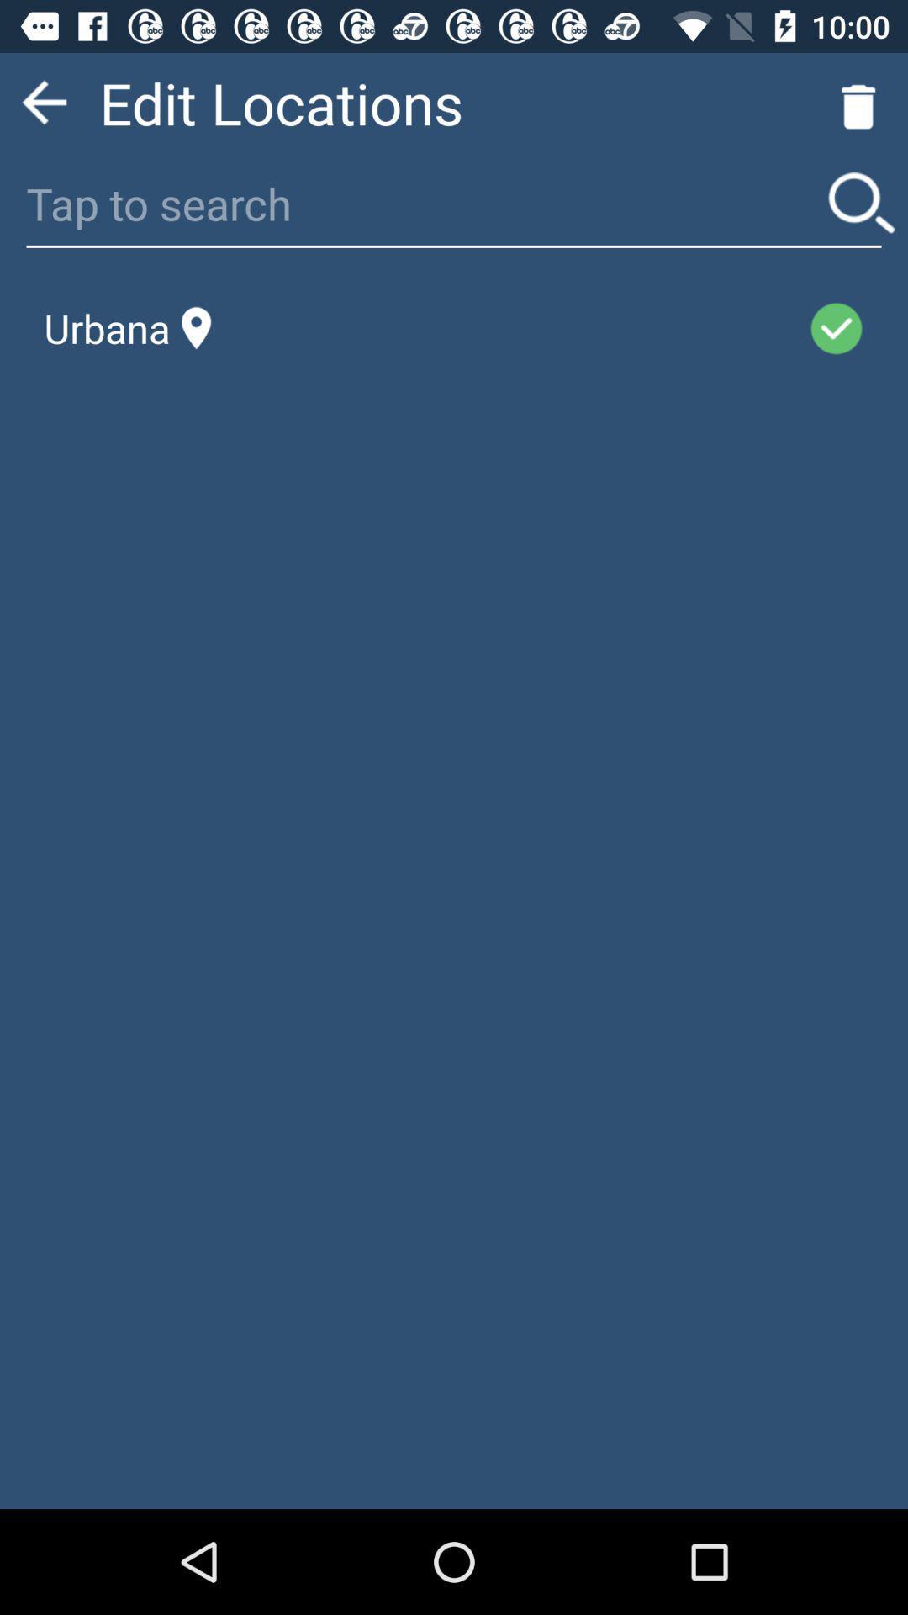 The width and height of the screenshot is (908, 1615). Describe the element at coordinates (43, 101) in the screenshot. I see `go back` at that location.